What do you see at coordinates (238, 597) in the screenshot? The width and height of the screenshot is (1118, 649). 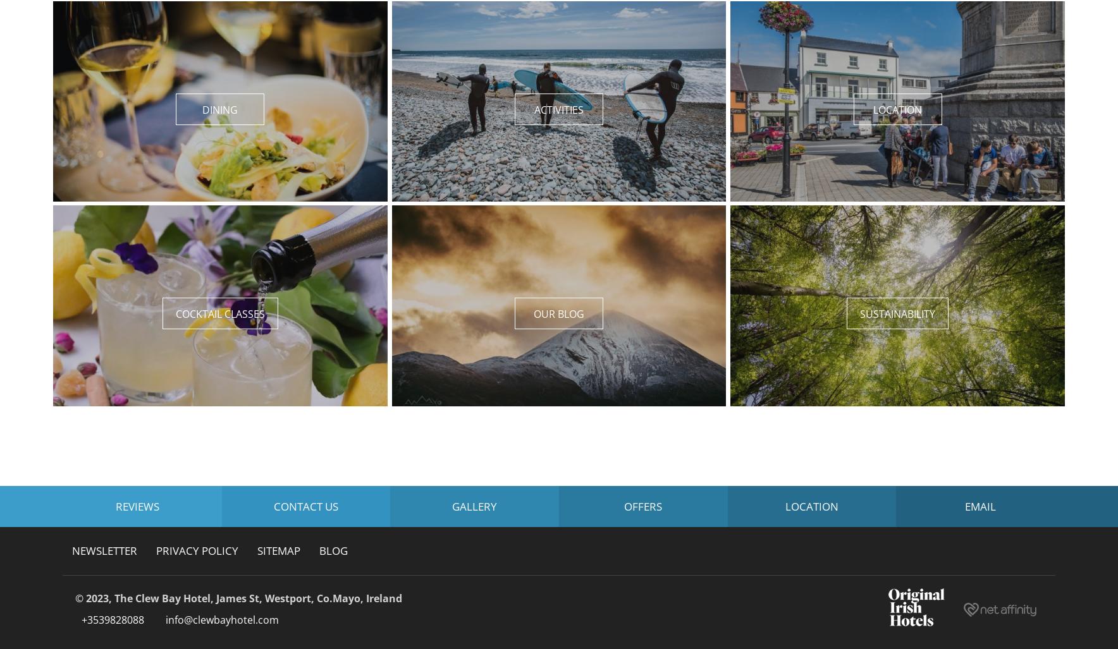 I see `'© 2023, The Clew Bay Hotel, James St, Westport, Co.Mayo, Ireland'` at bounding box center [238, 597].